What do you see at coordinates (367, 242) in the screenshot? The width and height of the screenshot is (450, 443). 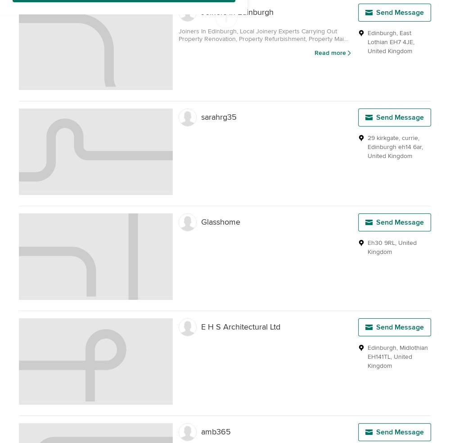 I see `'Eh30 9RL'` at bounding box center [367, 242].